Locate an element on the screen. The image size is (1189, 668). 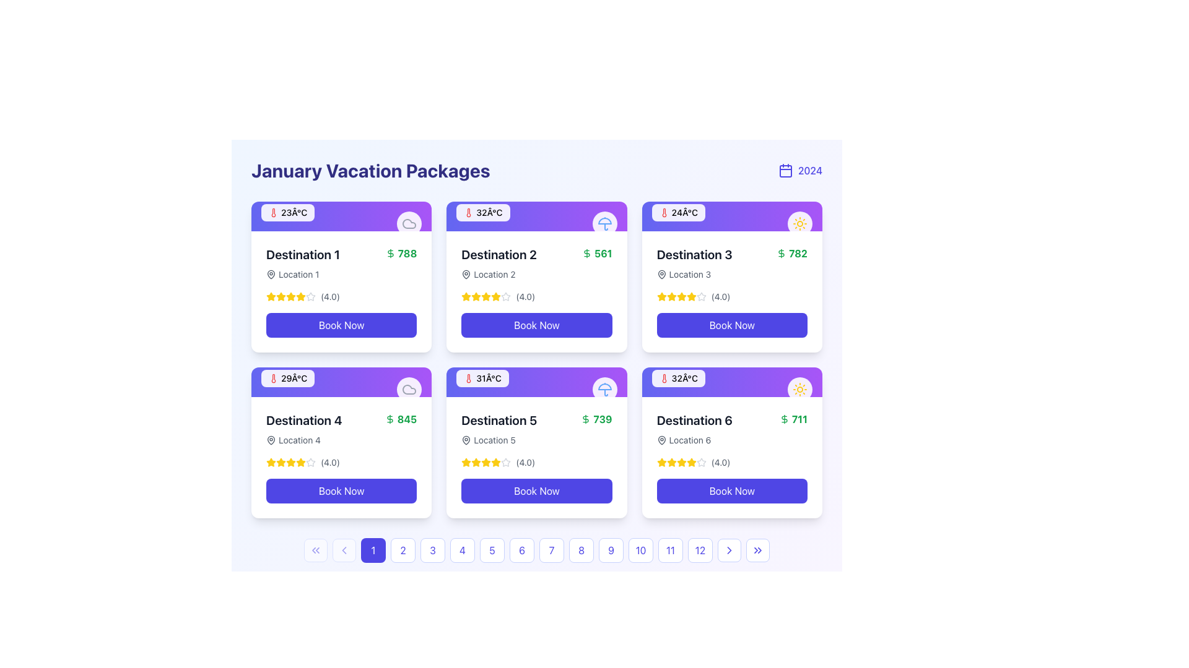
the details of the sun icon located in the top-right corner of the 'Destination 6' card, which serves as a decorative representation of sunny weather is located at coordinates (799, 388).